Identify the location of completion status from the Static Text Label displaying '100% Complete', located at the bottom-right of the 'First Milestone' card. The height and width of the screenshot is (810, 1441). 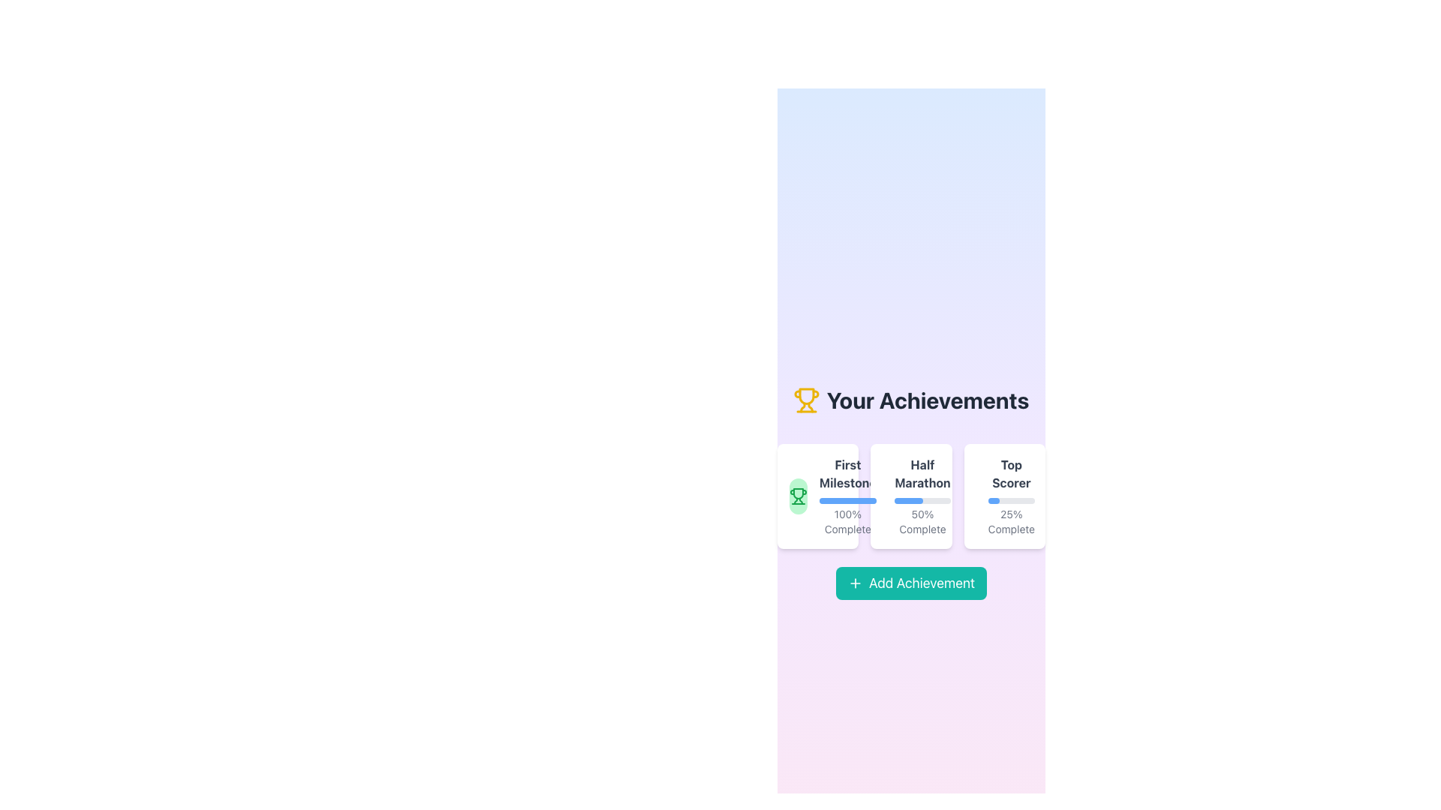
(847, 520).